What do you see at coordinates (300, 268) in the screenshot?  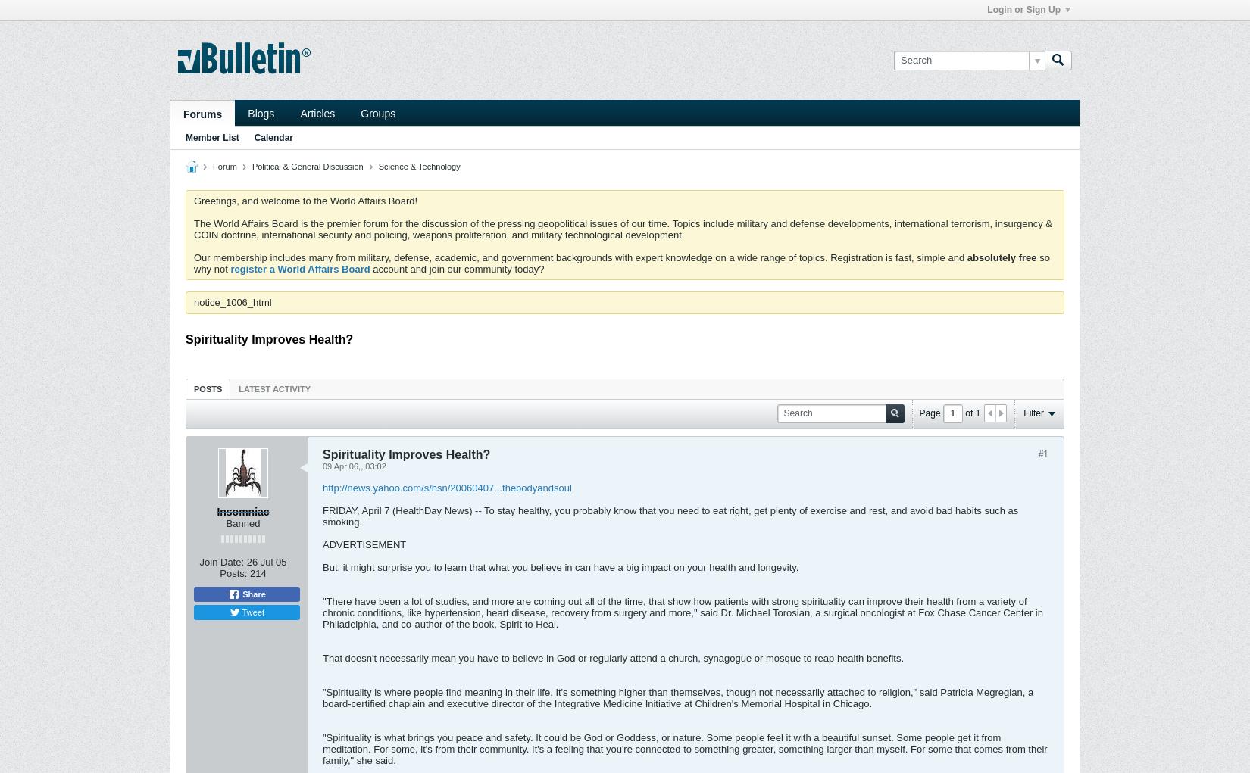 I see `'register a World Affairs Board'` at bounding box center [300, 268].